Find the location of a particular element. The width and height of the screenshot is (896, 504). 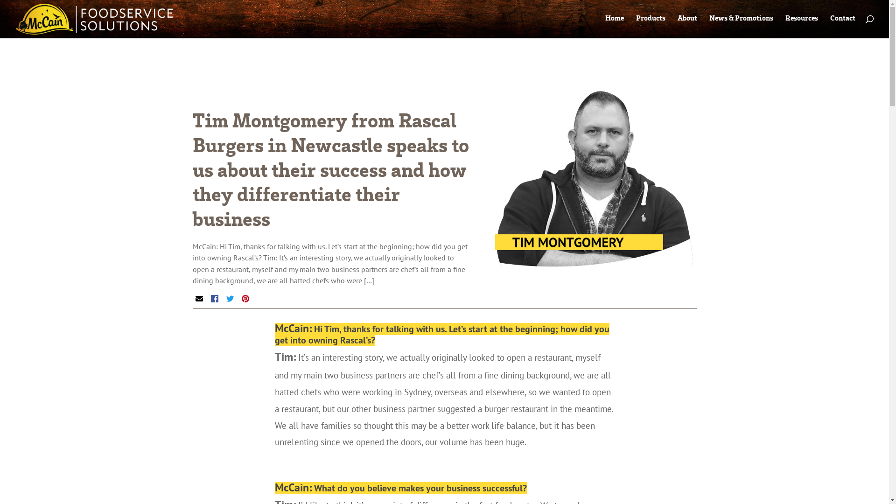

'Tweet' is located at coordinates (229, 299).